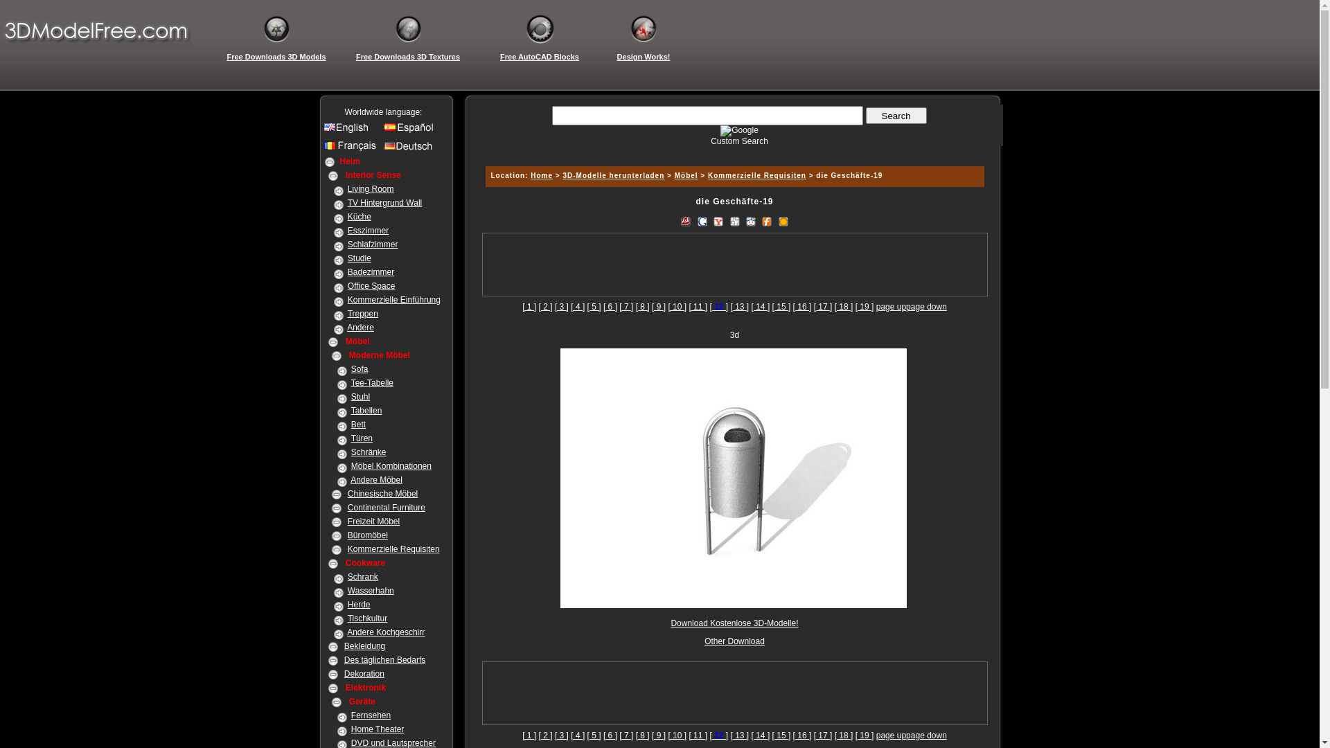  What do you see at coordinates (323, 150) in the screenshot?
I see `'France site'` at bounding box center [323, 150].